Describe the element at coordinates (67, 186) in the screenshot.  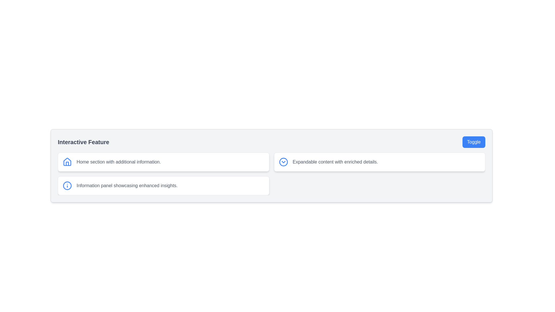
I see `the circular graphic element within the information icon located at the center of the icon in the lower left interactive panel labeled 'Information panel showcasing enhanced insights.'` at that location.